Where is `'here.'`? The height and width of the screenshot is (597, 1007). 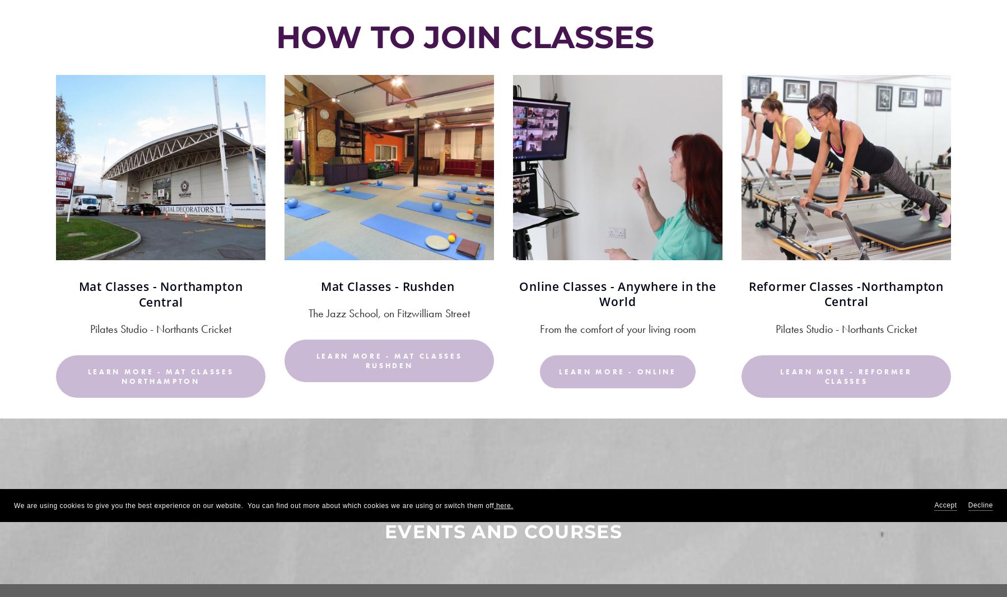
'here.' is located at coordinates (493, 505).